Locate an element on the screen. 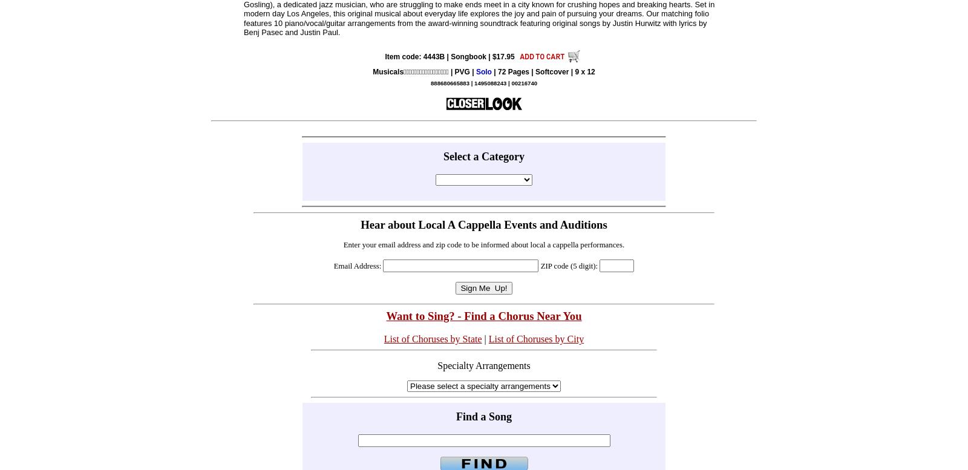 This screenshot has width=968, height=470. 'Hear about Local A Cappella Events and Auditions' is located at coordinates (483, 224).